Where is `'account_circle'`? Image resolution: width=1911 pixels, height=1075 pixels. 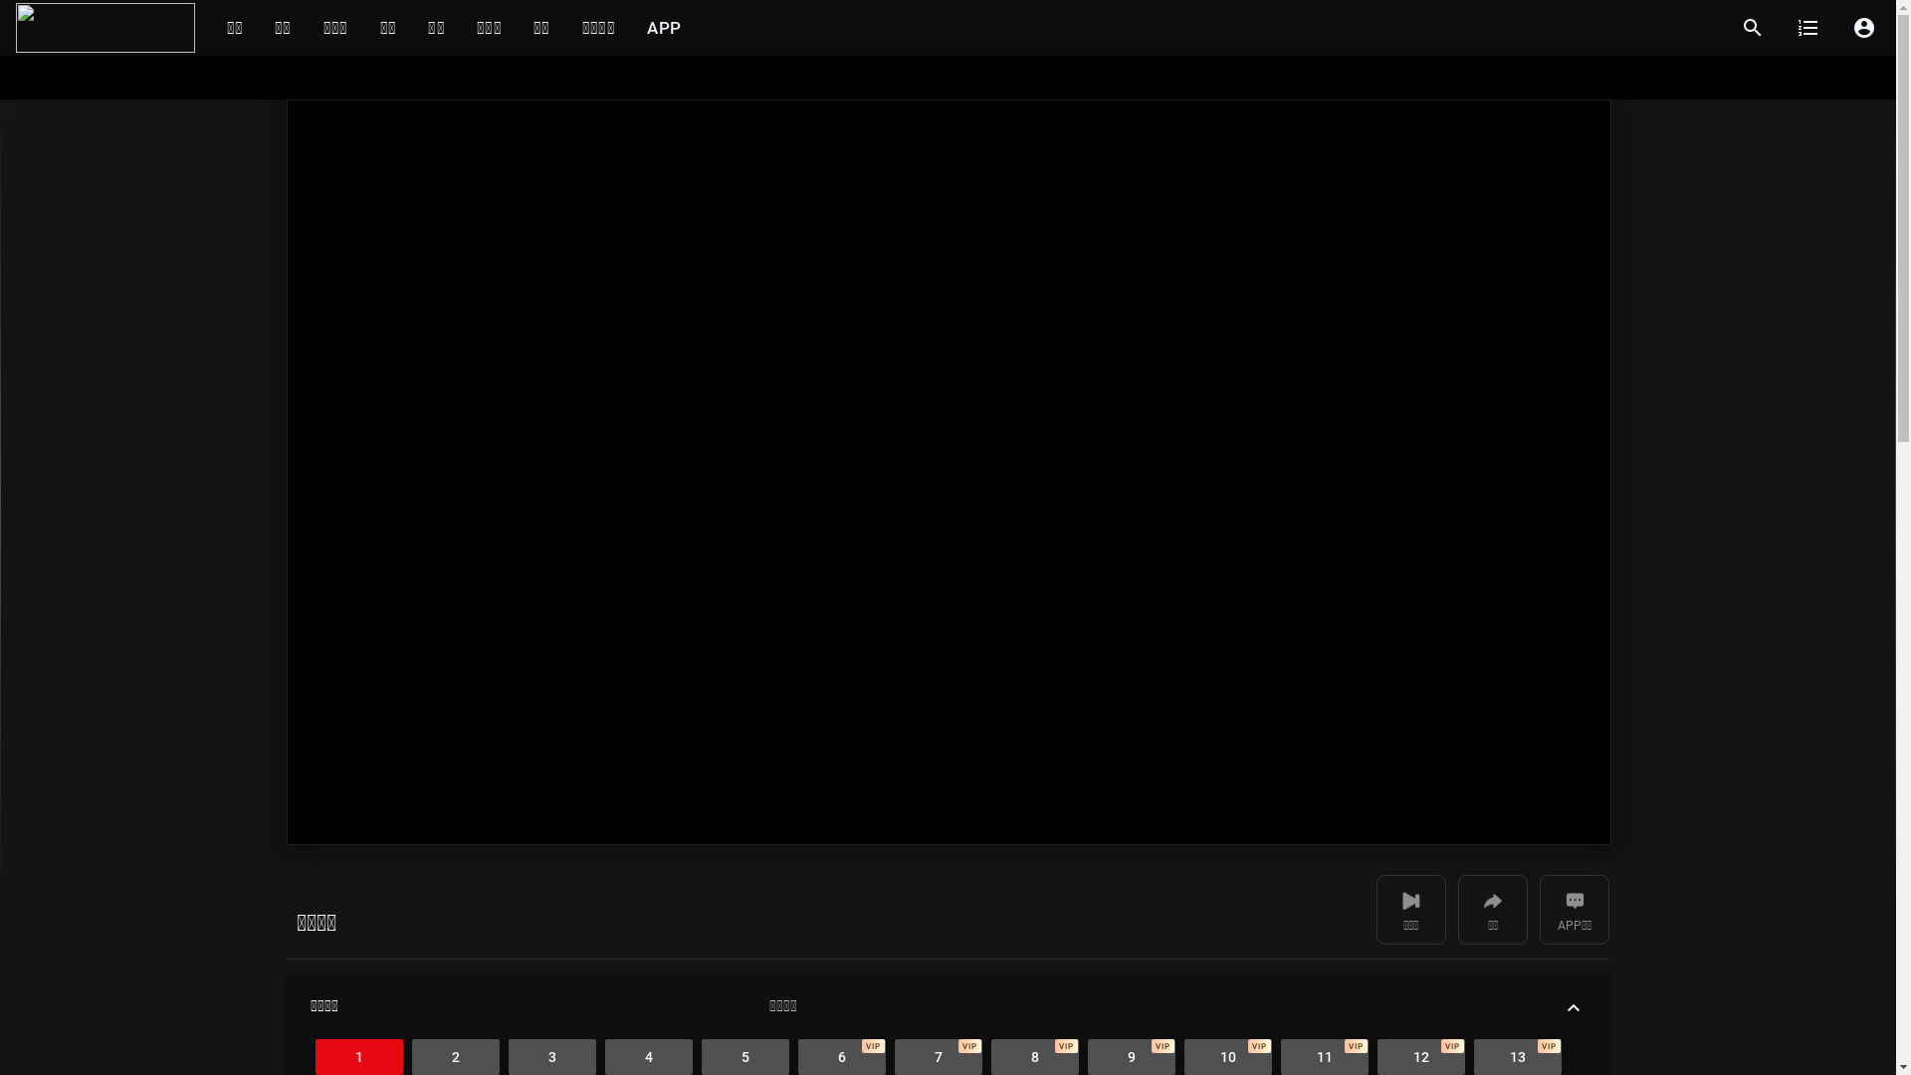
'account_circle' is located at coordinates (1862, 27).